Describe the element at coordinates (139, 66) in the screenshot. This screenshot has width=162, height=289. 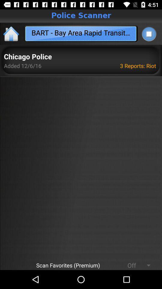
I see `the icon to the right of the chicago police app` at that location.